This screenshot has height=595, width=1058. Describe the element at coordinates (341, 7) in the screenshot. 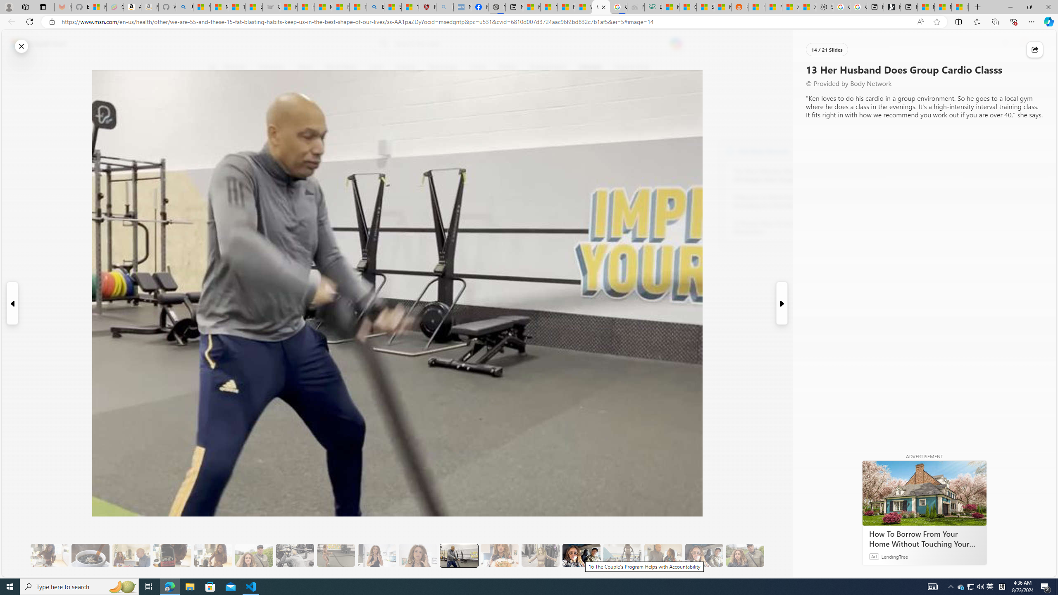

I see `'Recipes - MSN'` at that location.